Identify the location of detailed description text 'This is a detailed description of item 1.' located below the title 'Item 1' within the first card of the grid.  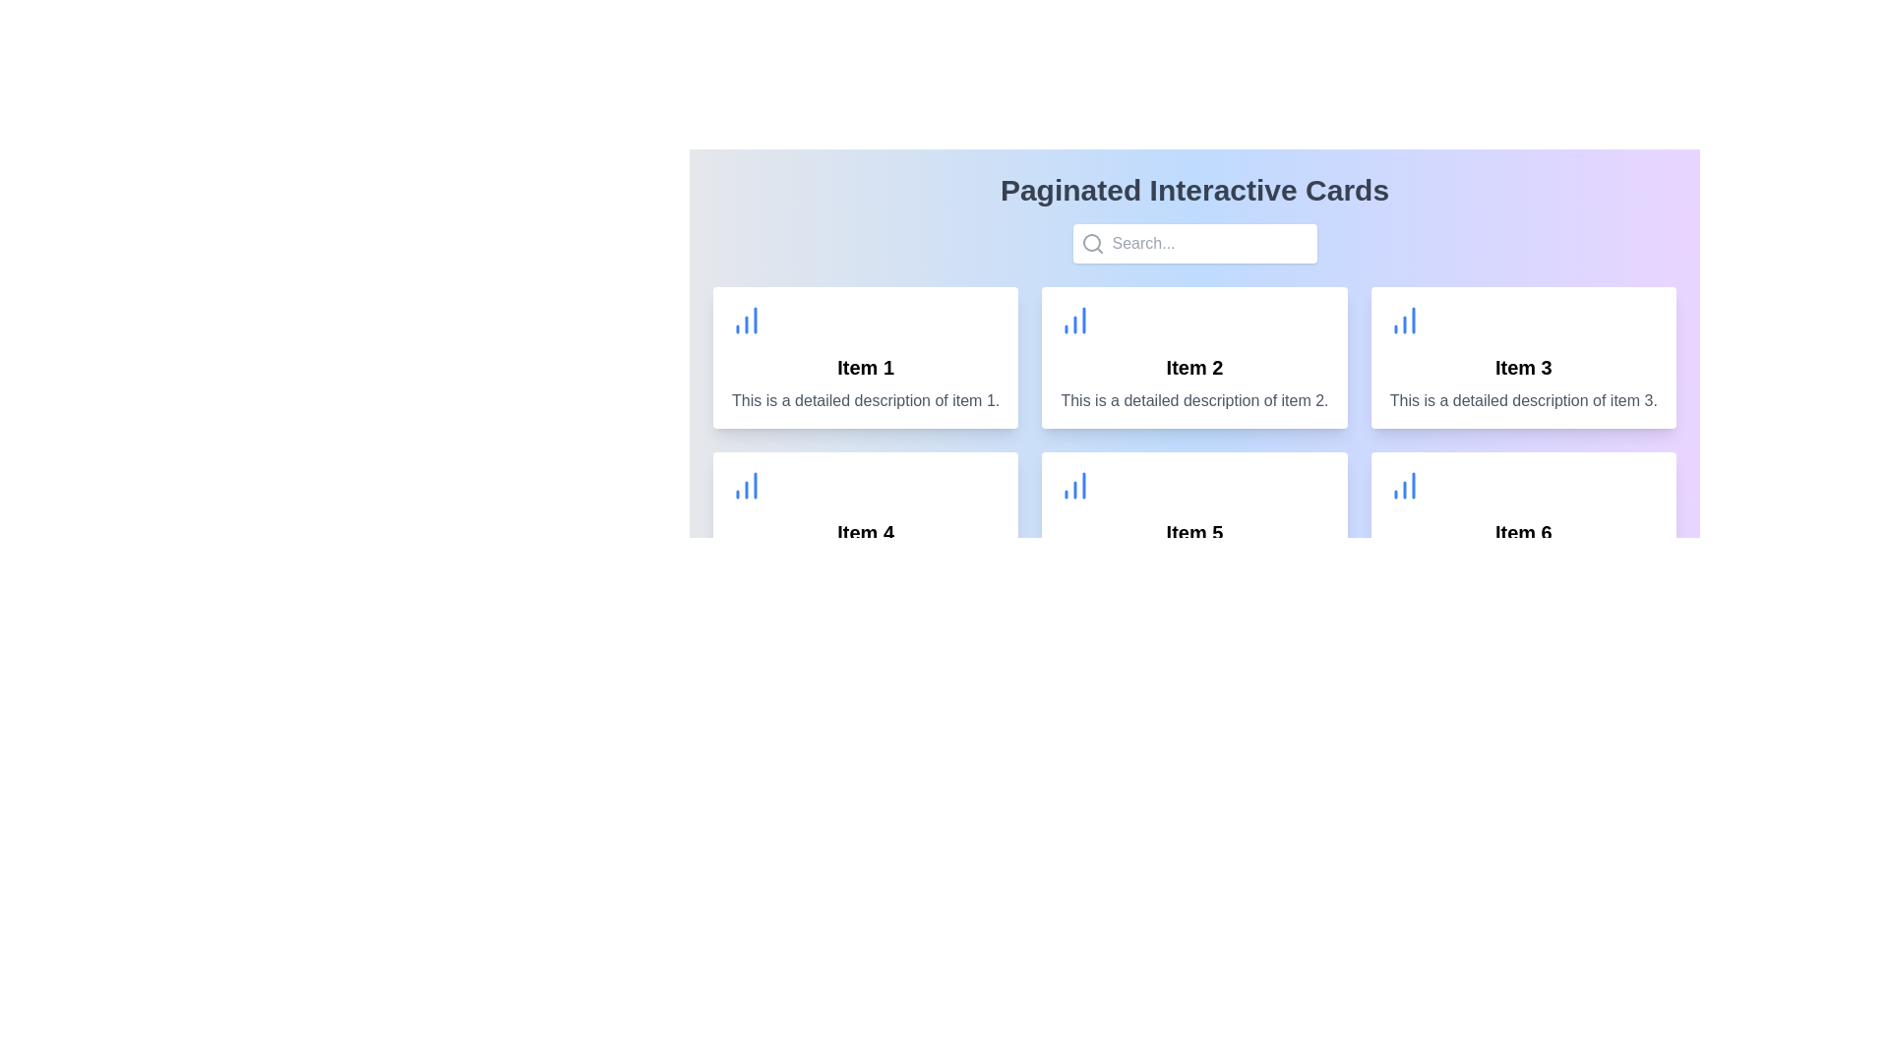
(866, 400).